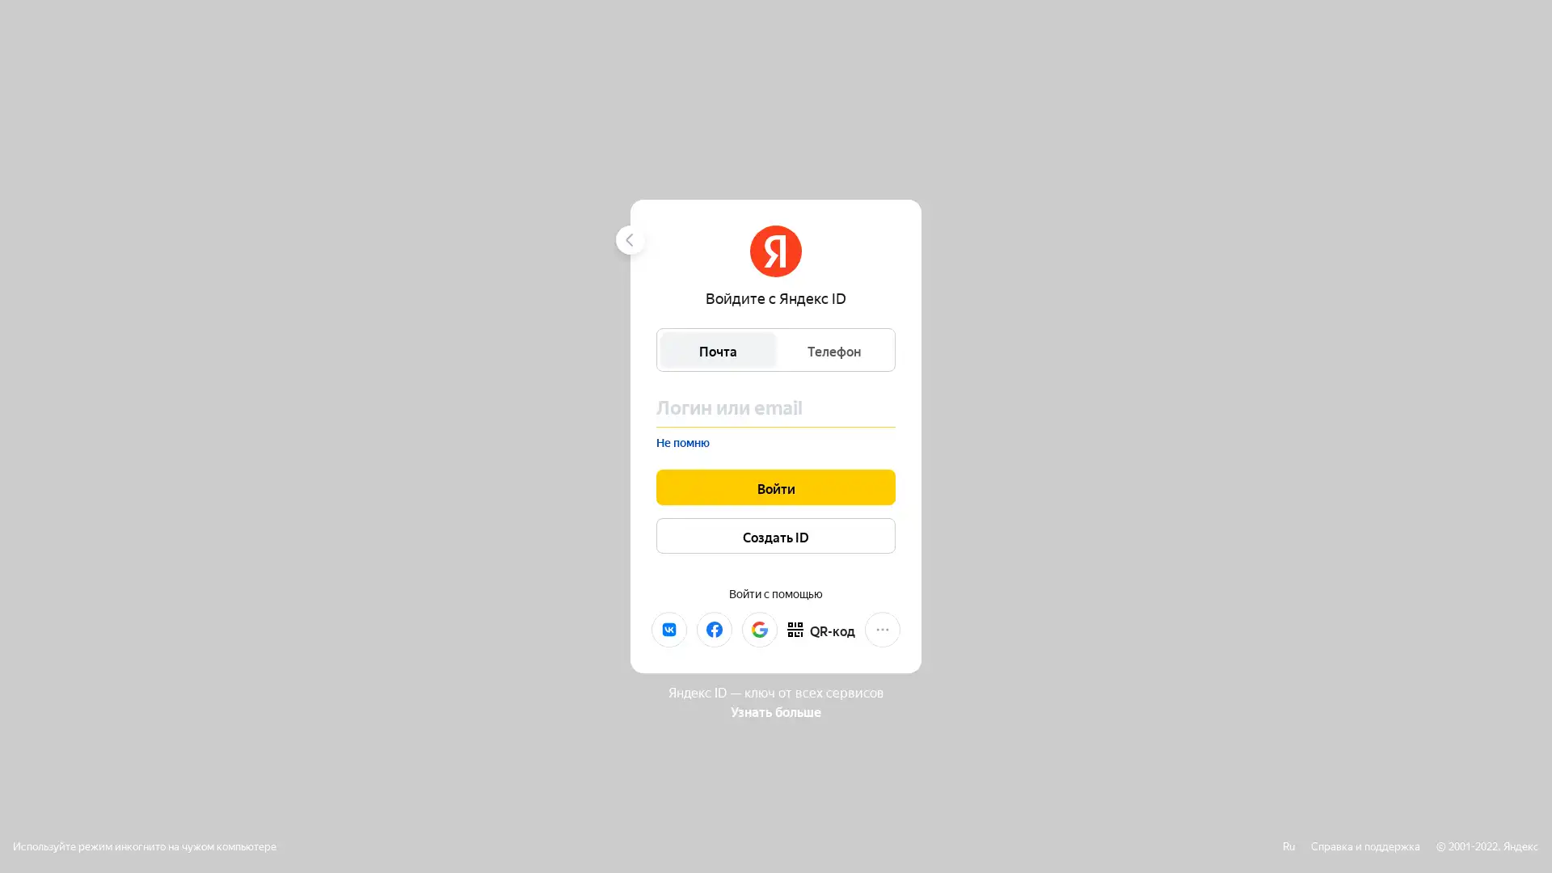 The width and height of the screenshot is (1552, 873). What do you see at coordinates (713, 628) in the screenshot?
I see `Facebook` at bounding box center [713, 628].